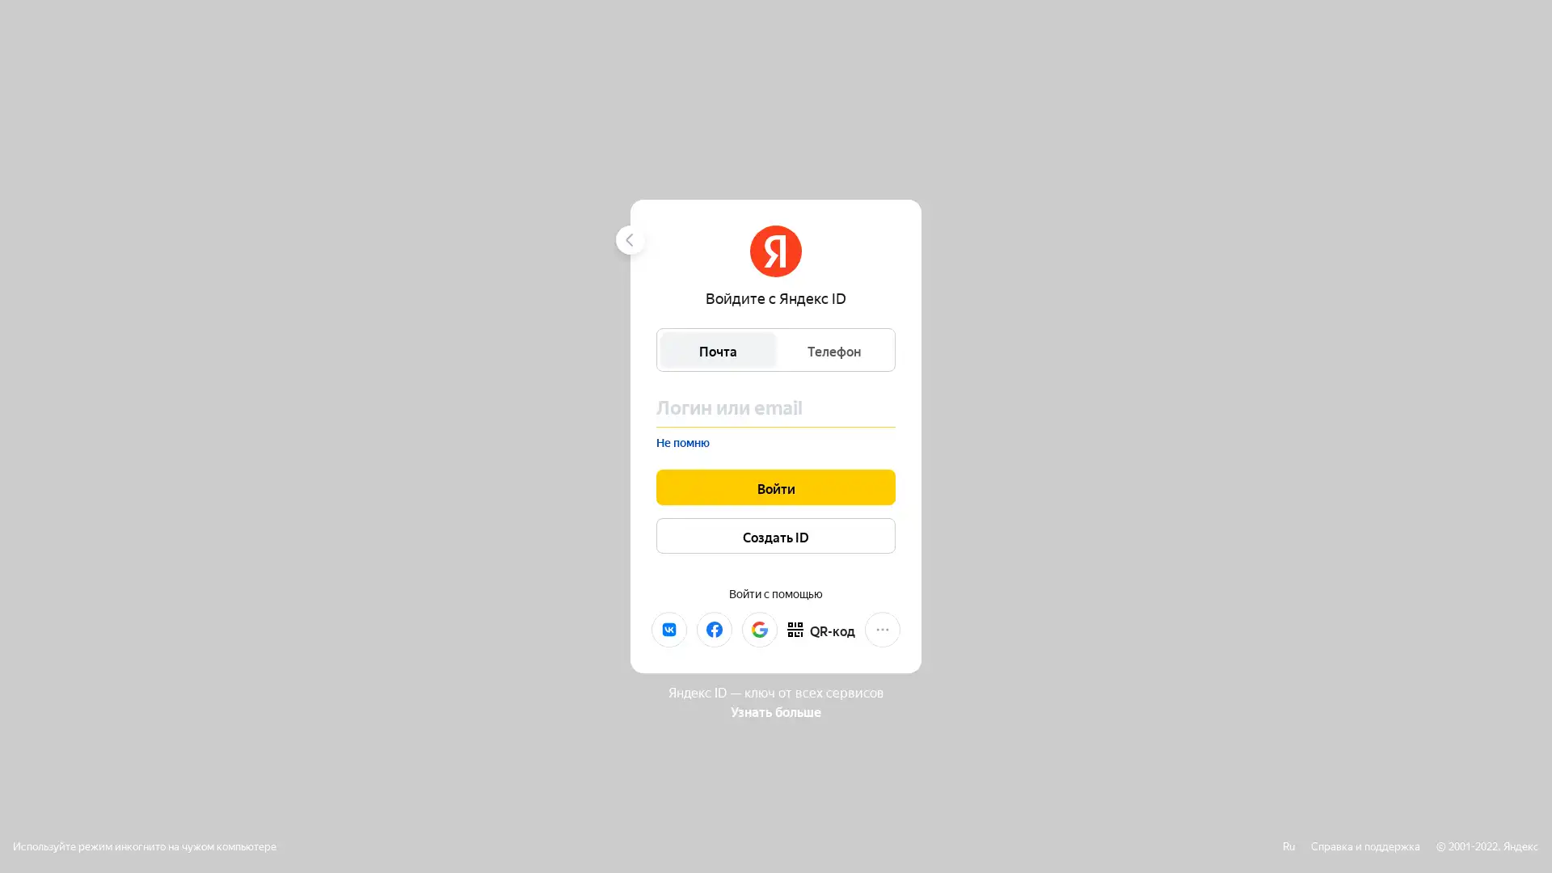 The width and height of the screenshot is (1552, 873). What do you see at coordinates (713, 628) in the screenshot?
I see `Facebook` at bounding box center [713, 628].